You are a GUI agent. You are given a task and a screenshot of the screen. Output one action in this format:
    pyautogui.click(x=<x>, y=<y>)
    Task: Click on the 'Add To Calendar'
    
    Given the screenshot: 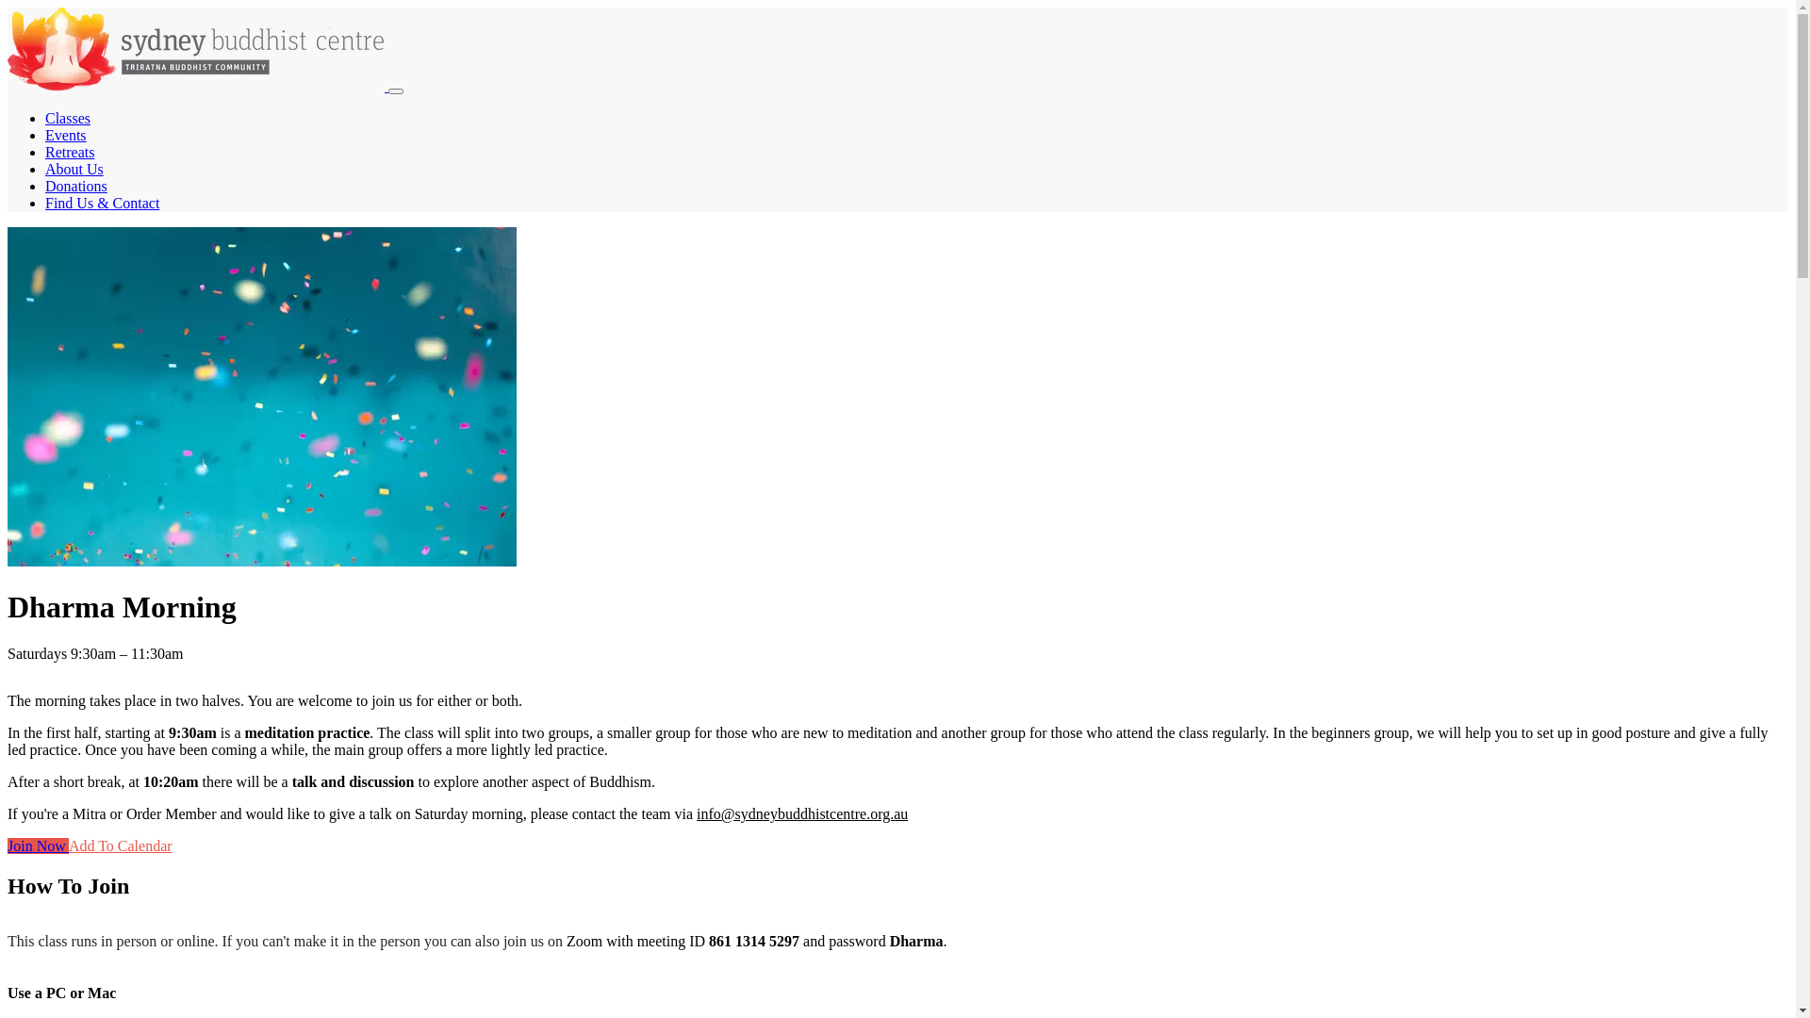 What is the action you would take?
    pyautogui.click(x=68, y=845)
    